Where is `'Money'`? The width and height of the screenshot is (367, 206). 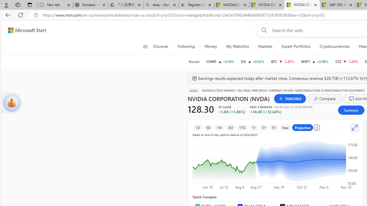 'Money' is located at coordinates (210, 46).